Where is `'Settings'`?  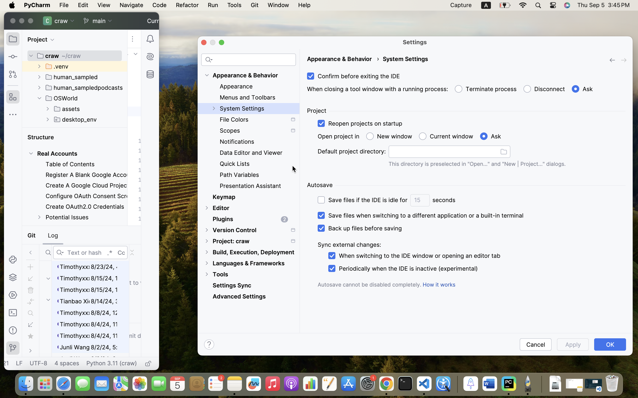
'Settings' is located at coordinates (415, 42).